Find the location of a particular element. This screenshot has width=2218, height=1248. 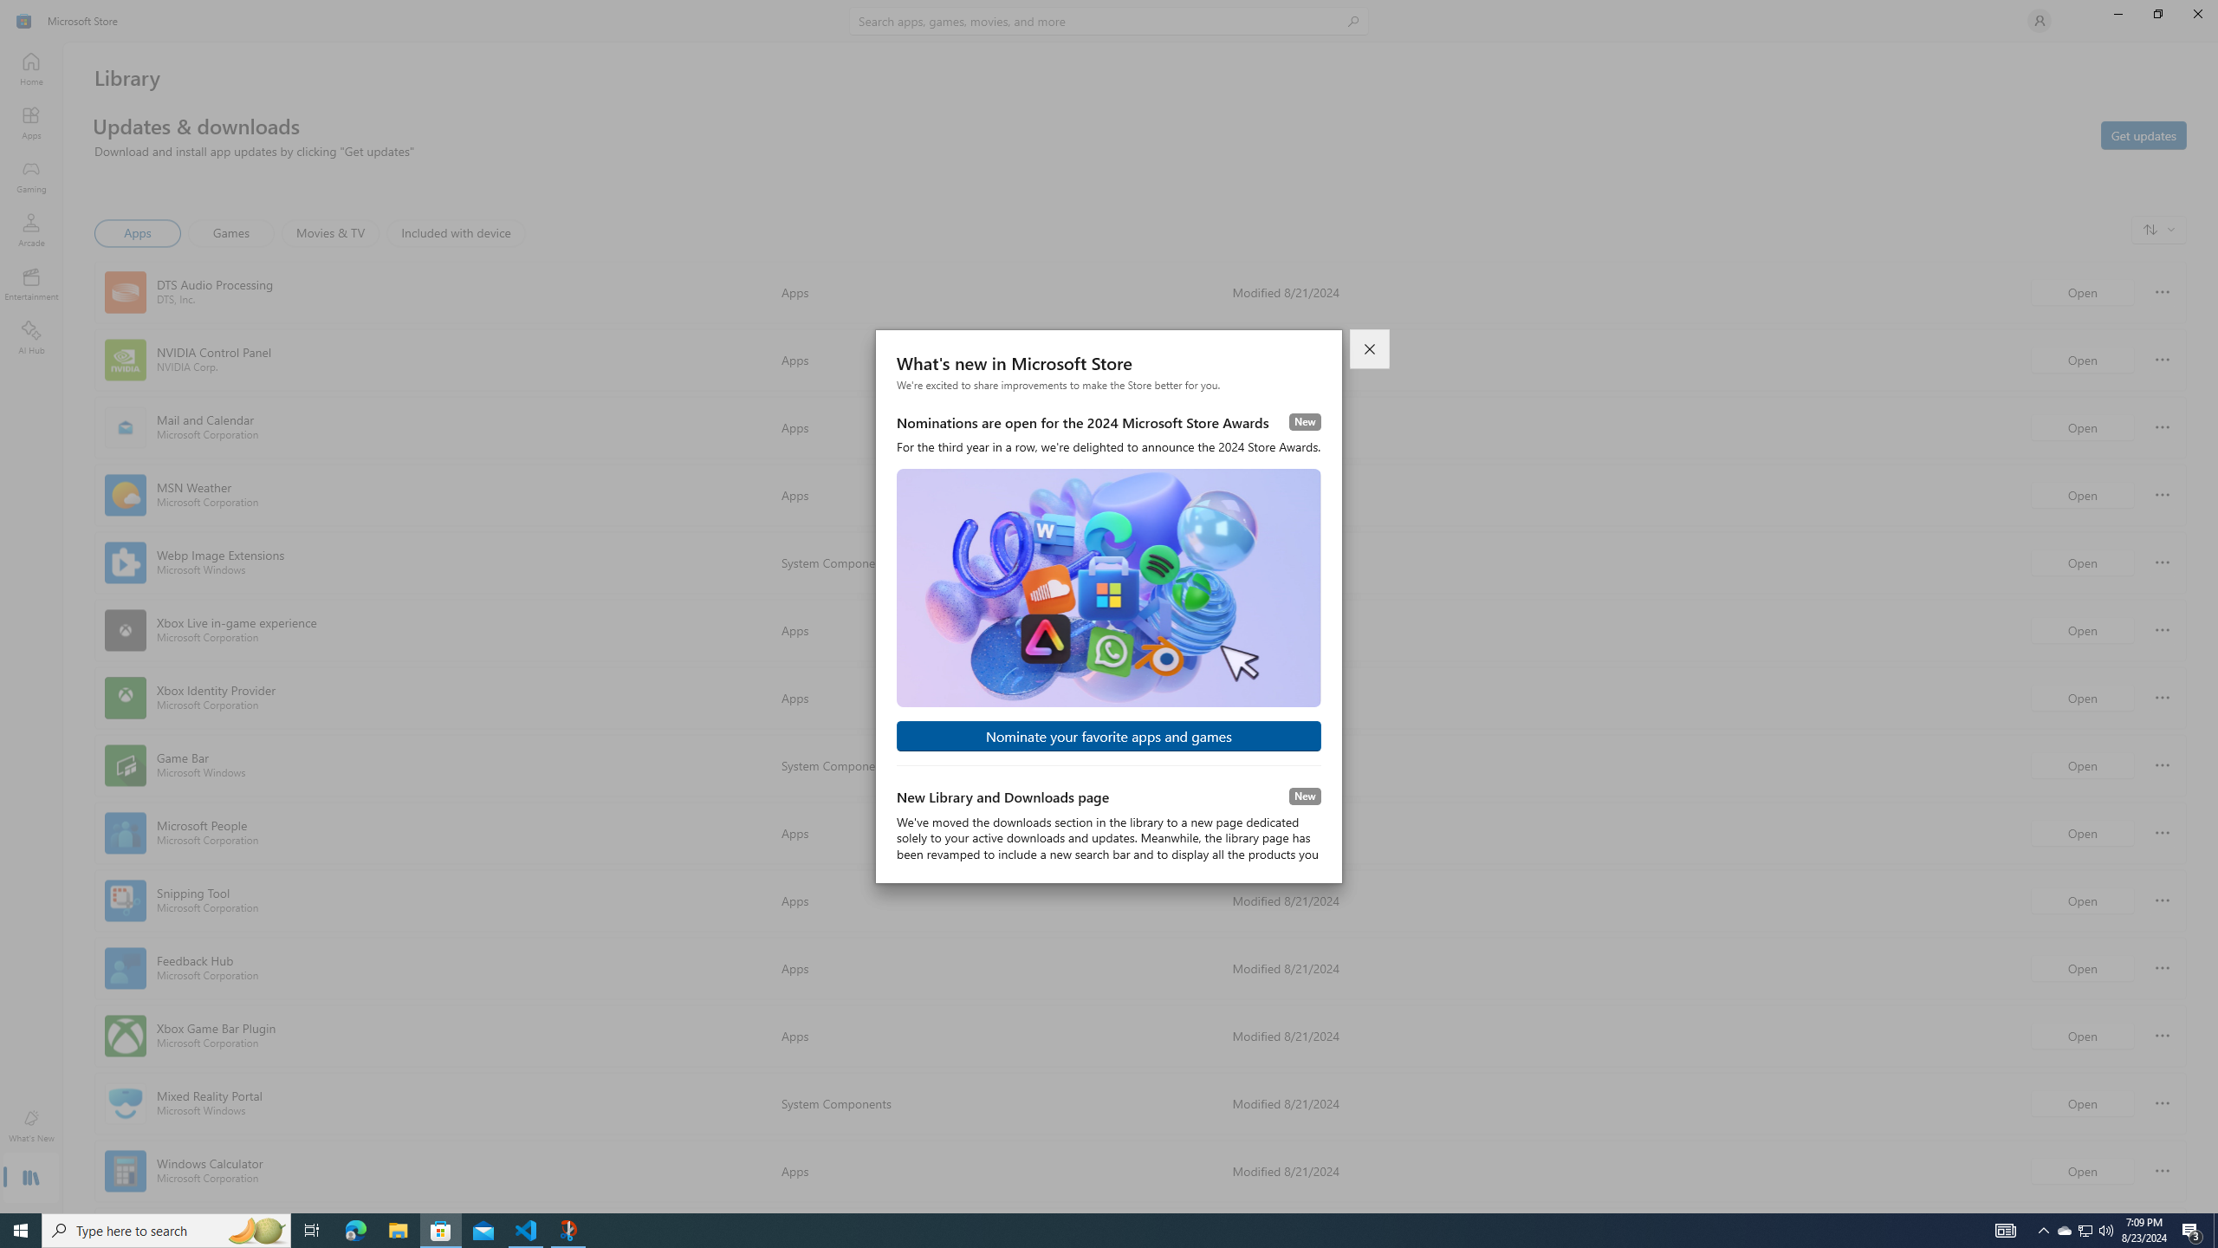

'Sort and filter' is located at coordinates (2158, 229).